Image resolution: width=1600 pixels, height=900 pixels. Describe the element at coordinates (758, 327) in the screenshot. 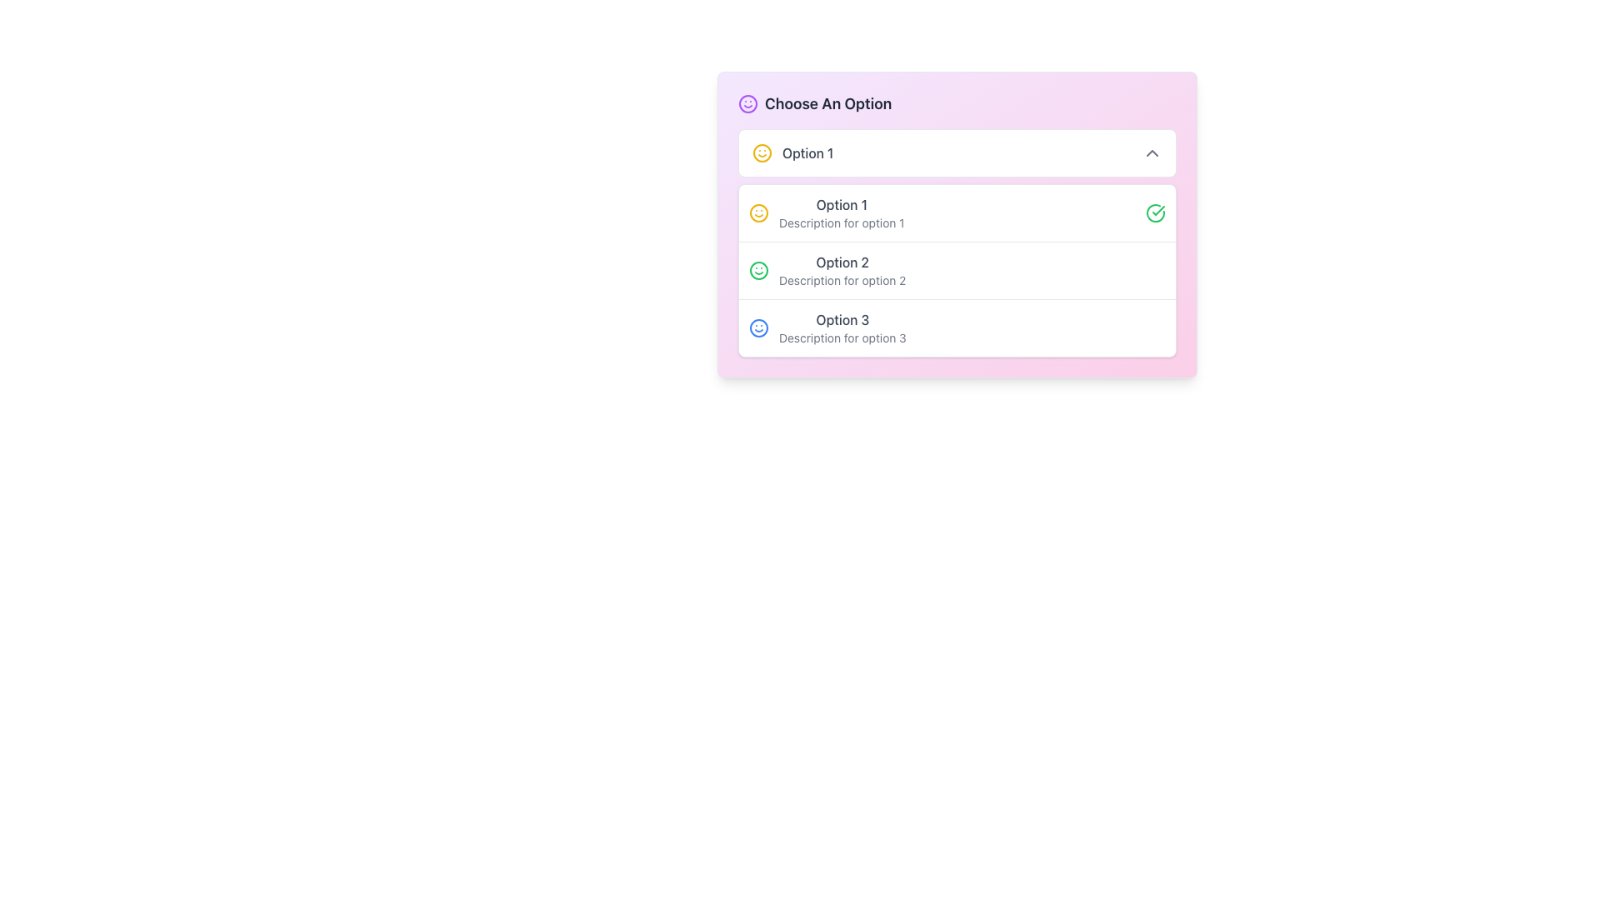

I see `the circular smiling face icon with a blue outline that is located at the beginning of the item labeled 'Option 3' in the list` at that location.